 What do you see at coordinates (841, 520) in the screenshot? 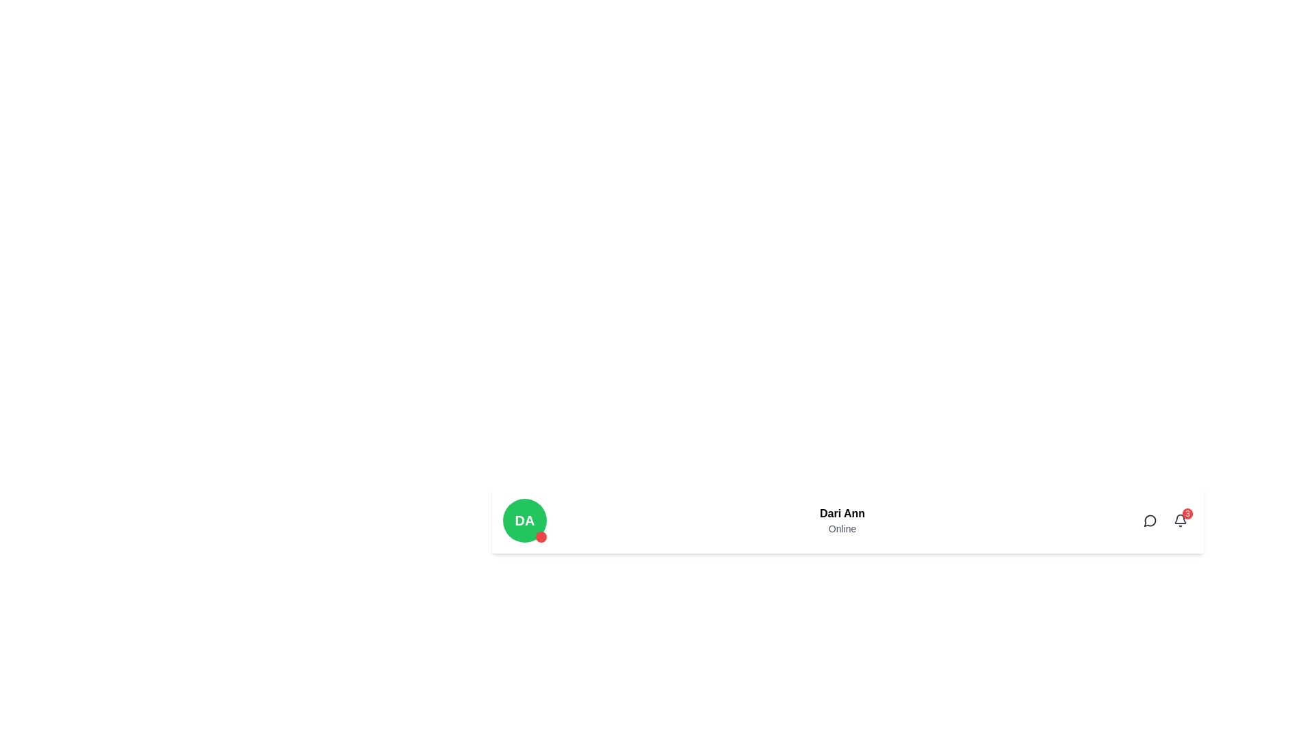
I see `the static text label that displays a name and associated status, located to the right of a green circular icon with the initials 'DA'` at bounding box center [841, 520].